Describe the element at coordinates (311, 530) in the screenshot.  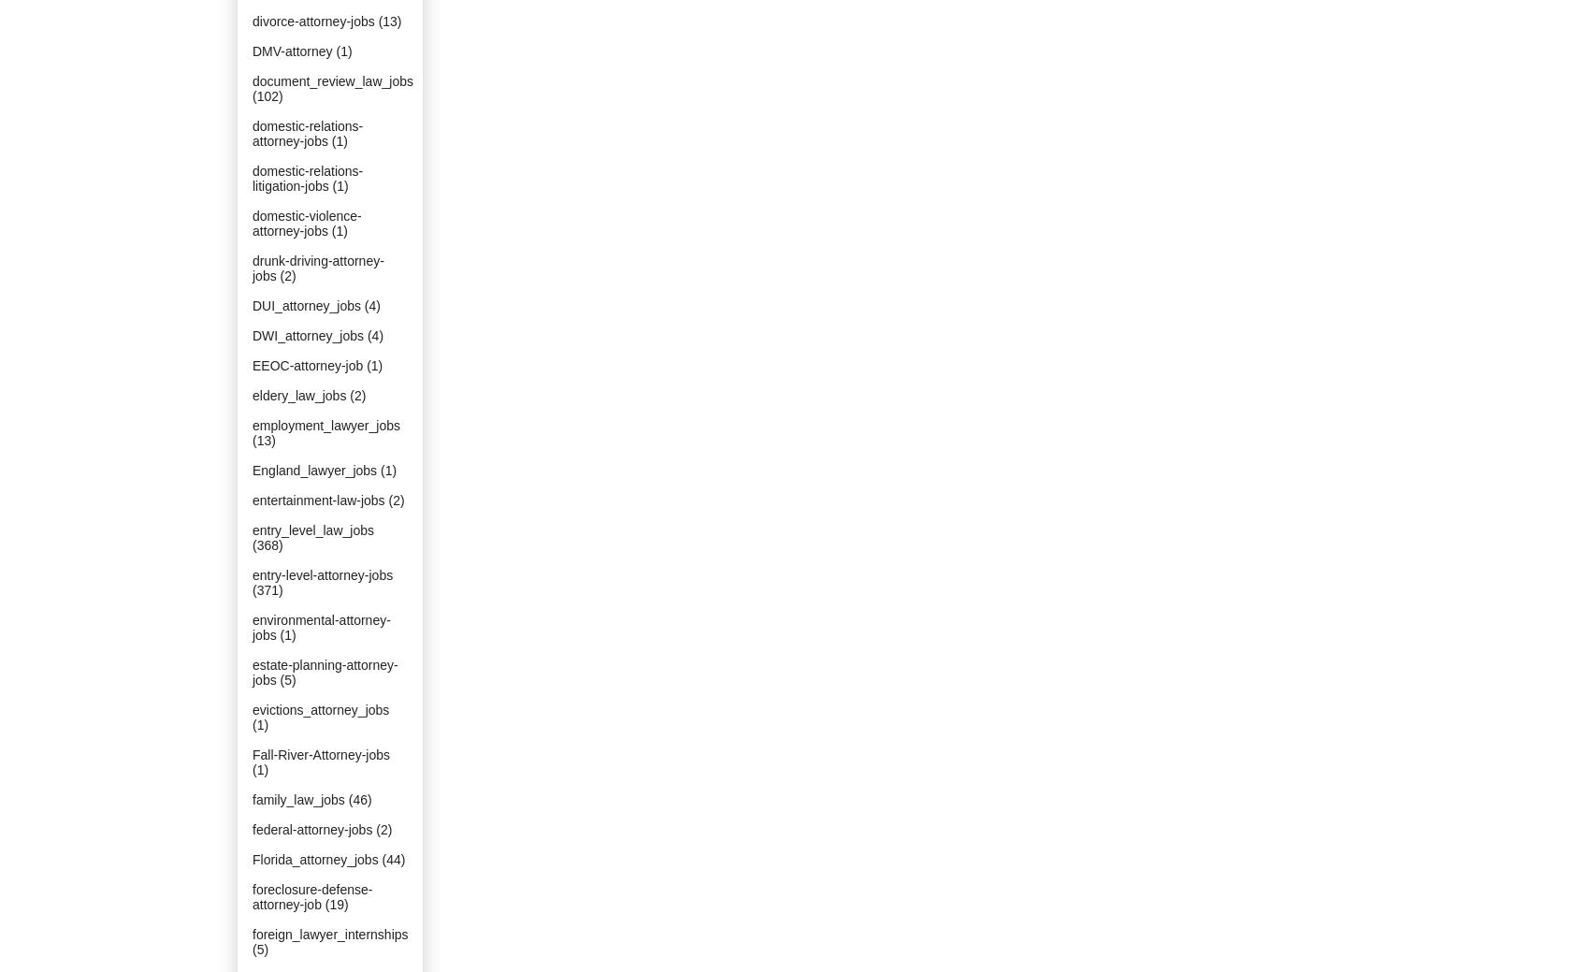
I see `'entry_level_law_jobs'` at that location.